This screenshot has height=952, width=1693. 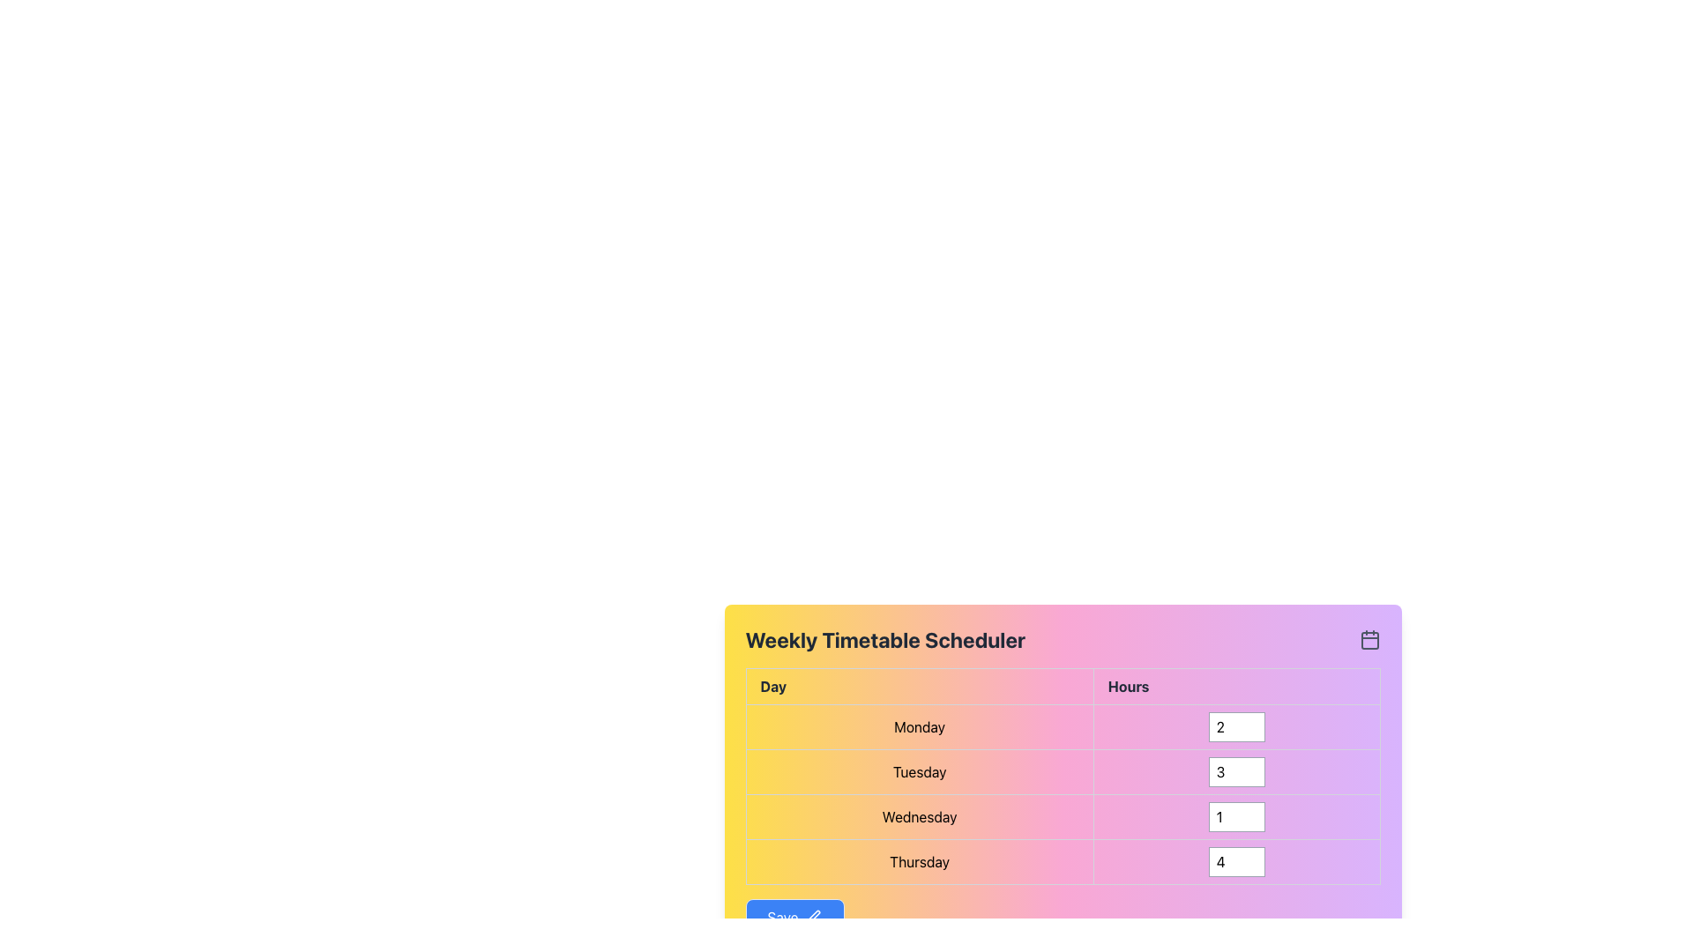 What do you see at coordinates (1369, 639) in the screenshot?
I see `the calendar icon located in the top-right corner of the 'Weekly Timetable Scheduler' section, which features a rectangular outline with a grid-like body` at bounding box center [1369, 639].